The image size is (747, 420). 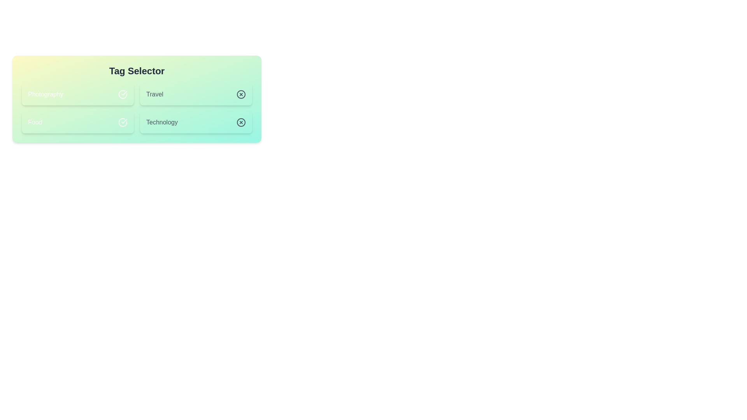 What do you see at coordinates (78, 122) in the screenshot?
I see `the tag labeled Food to toggle its active state` at bounding box center [78, 122].